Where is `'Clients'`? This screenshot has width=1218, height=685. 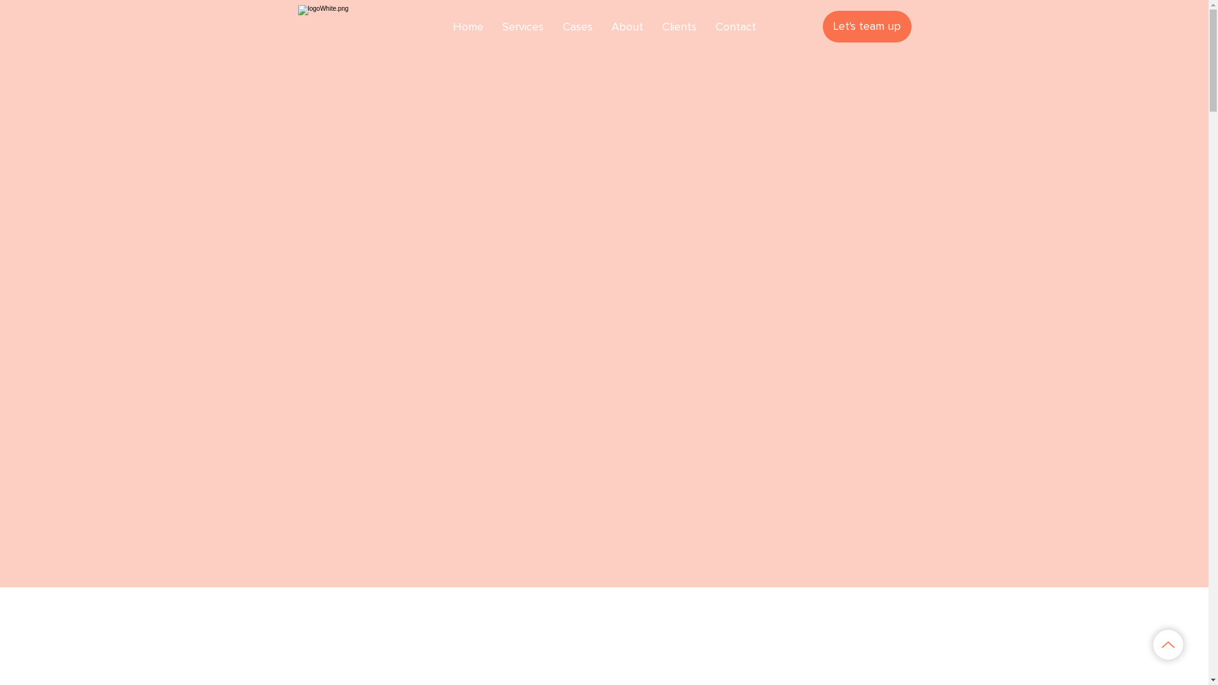
'Clients' is located at coordinates (678, 27).